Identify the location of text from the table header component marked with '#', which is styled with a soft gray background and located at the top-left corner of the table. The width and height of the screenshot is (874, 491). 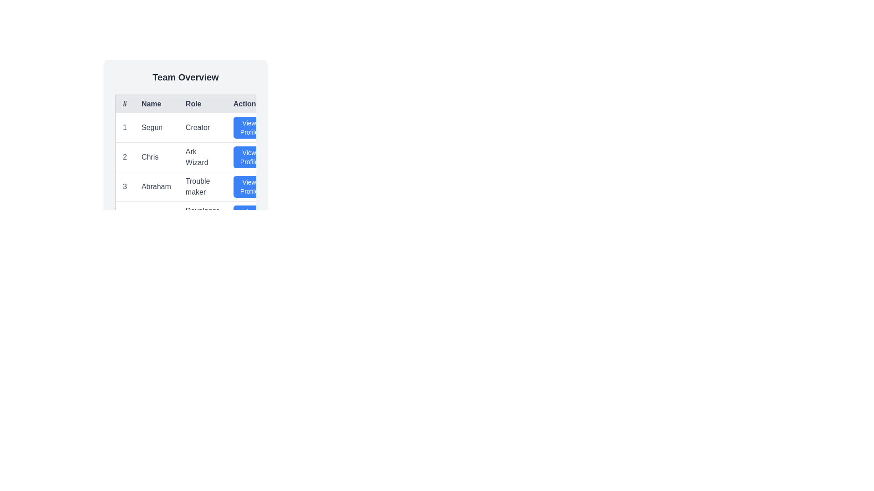
(124, 103).